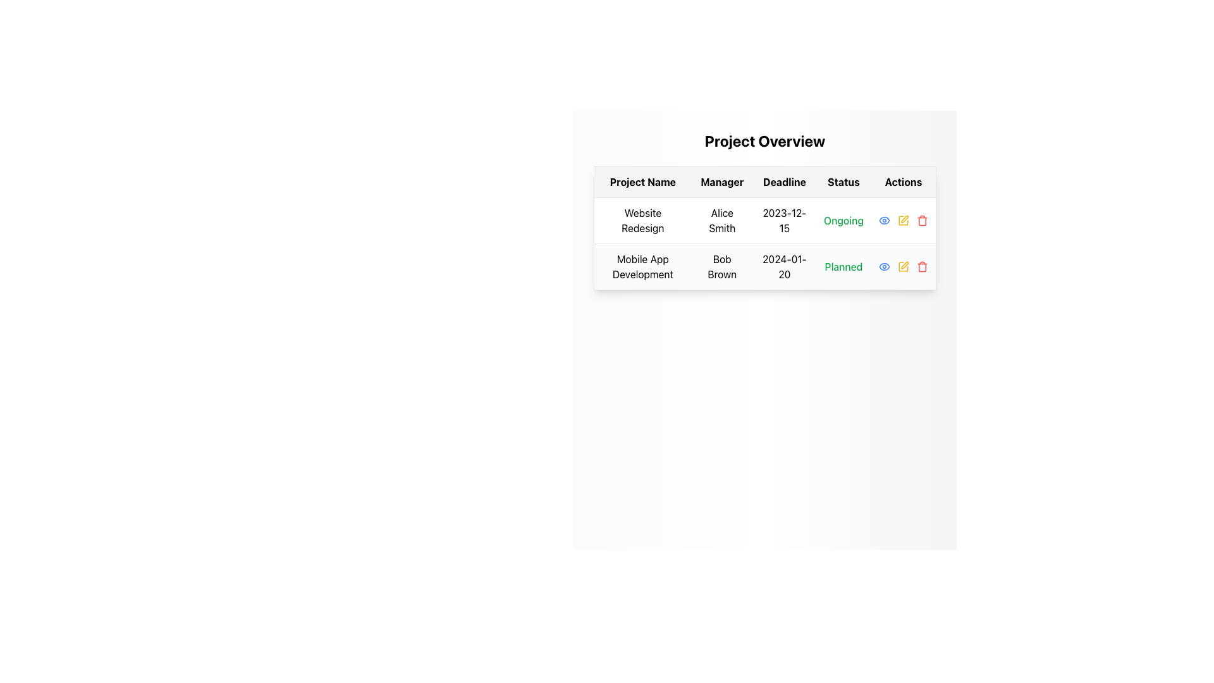 This screenshot has height=683, width=1214. Describe the element at coordinates (923, 219) in the screenshot. I see `the trash icon located at the rightmost side of the 'Actions' column in the second row of the table` at that location.